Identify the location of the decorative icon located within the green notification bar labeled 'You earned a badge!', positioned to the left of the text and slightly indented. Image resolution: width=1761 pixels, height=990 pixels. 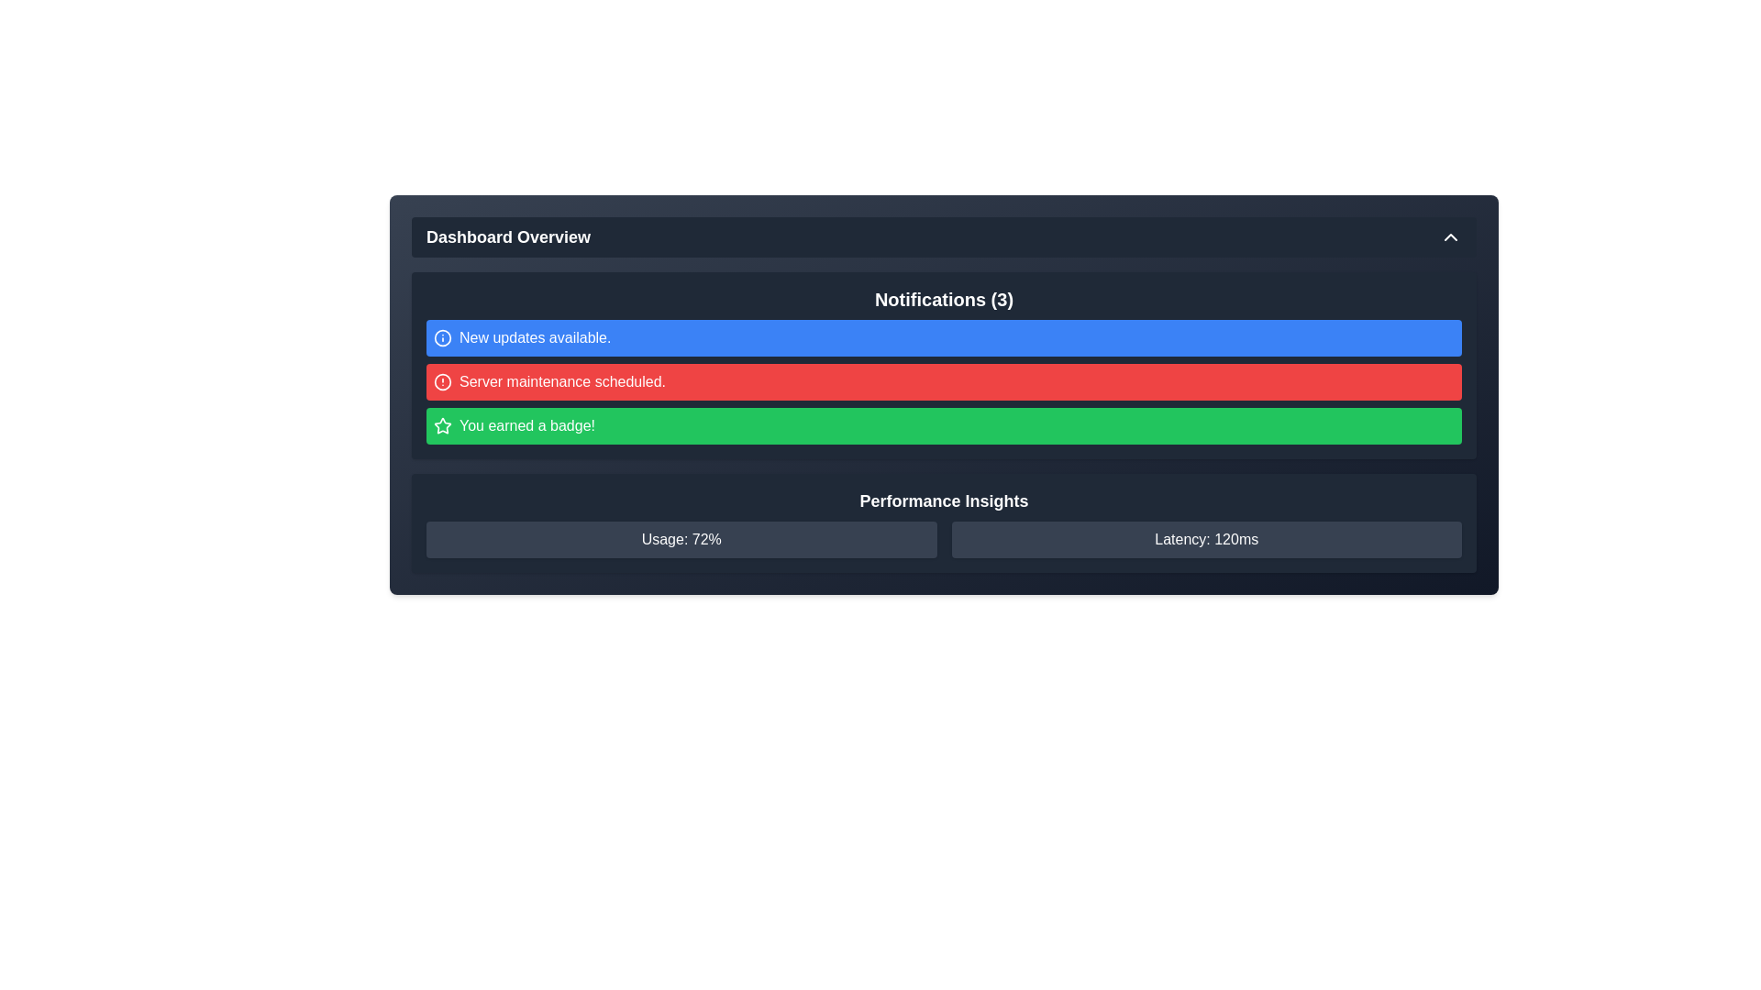
(443, 426).